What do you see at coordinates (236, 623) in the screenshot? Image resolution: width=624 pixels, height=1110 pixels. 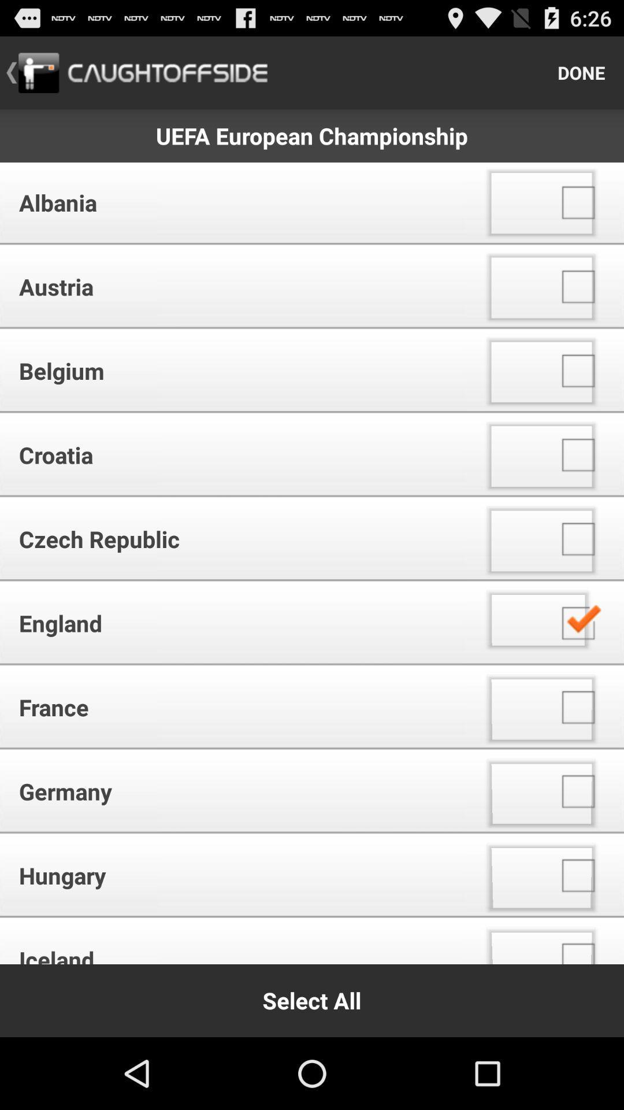 I see `the app below czech republic icon` at bounding box center [236, 623].